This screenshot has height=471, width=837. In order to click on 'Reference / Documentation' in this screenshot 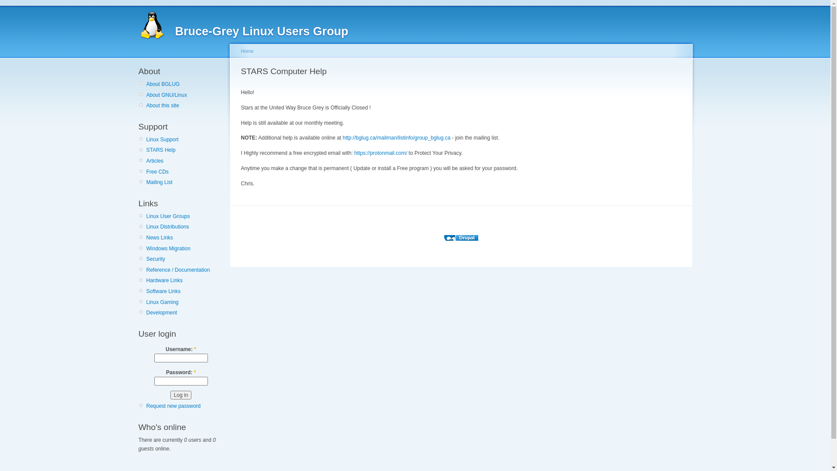, I will do `click(184, 269)`.